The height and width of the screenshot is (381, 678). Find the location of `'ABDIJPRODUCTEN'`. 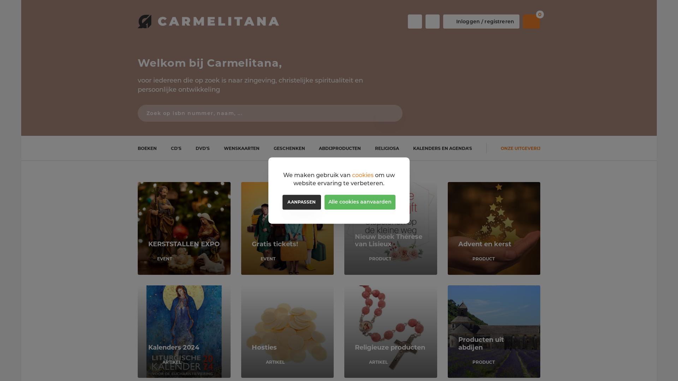

'ABDIJPRODUCTEN' is located at coordinates (340, 148).